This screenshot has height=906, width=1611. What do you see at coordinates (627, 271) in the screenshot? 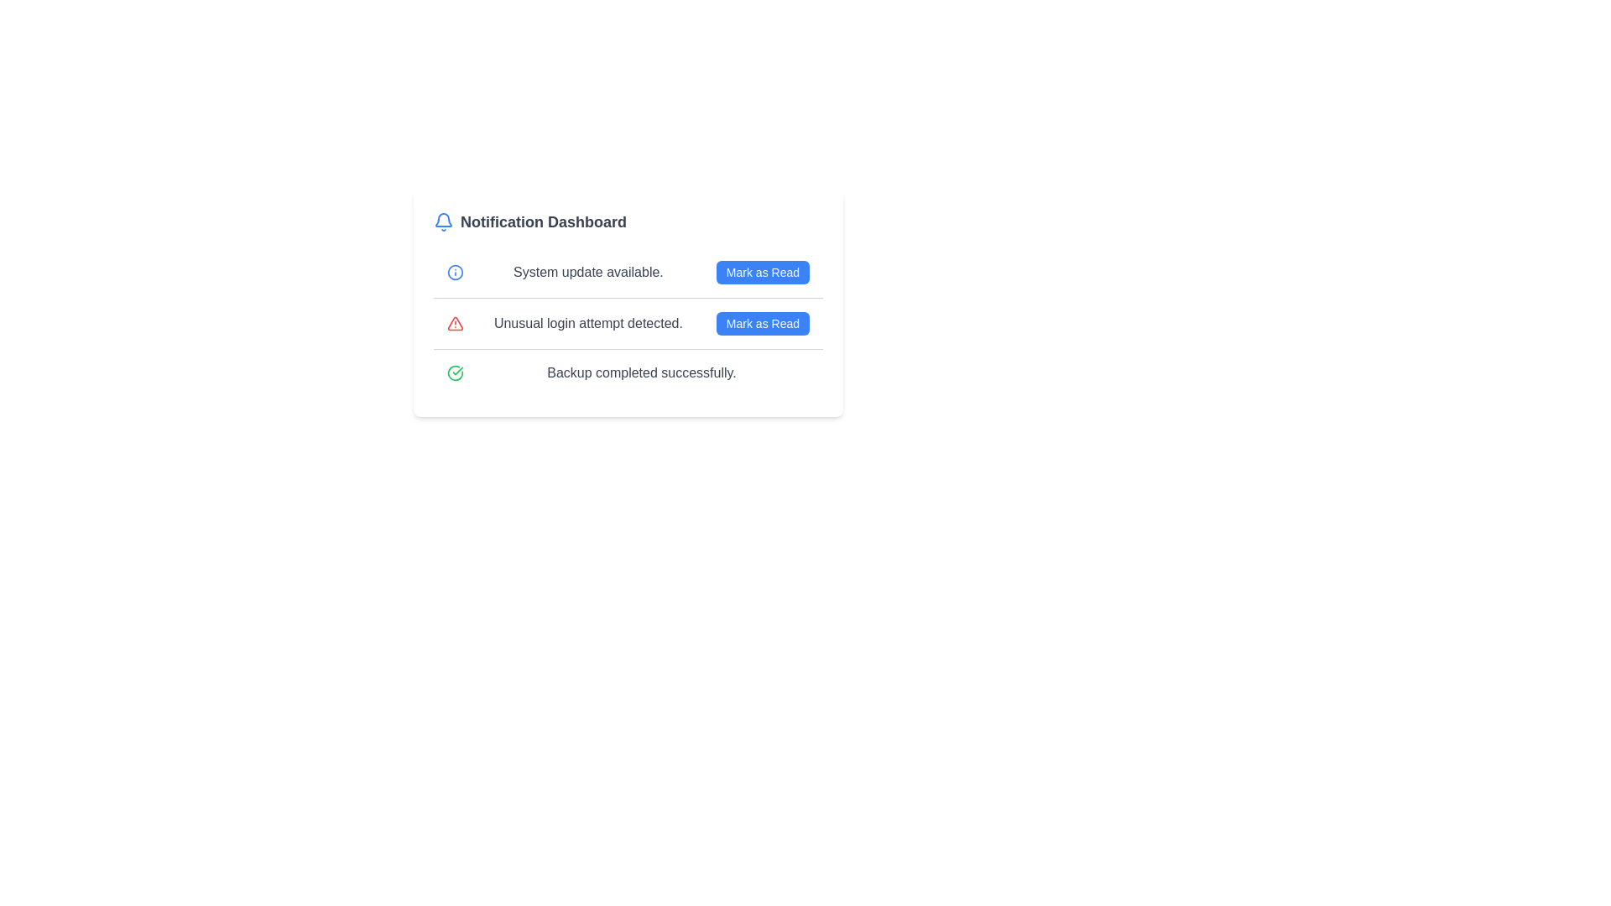
I see `the first notification row below the 'Notification Dashboard' header to obtain further context` at bounding box center [627, 271].